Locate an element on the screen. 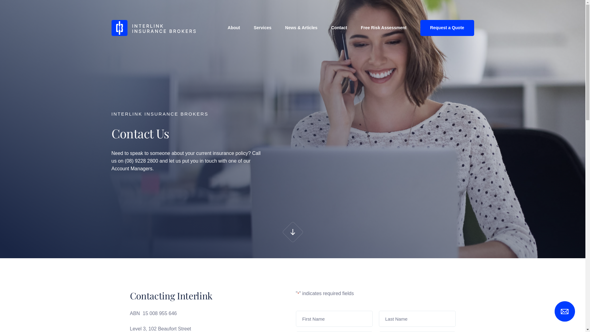 This screenshot has width=590, height=332. 'Contact' is located at coordinates (339, 27).